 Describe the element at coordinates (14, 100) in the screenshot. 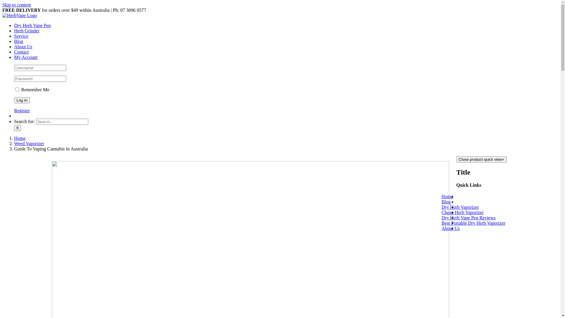

I see `'Log In'` at that location.